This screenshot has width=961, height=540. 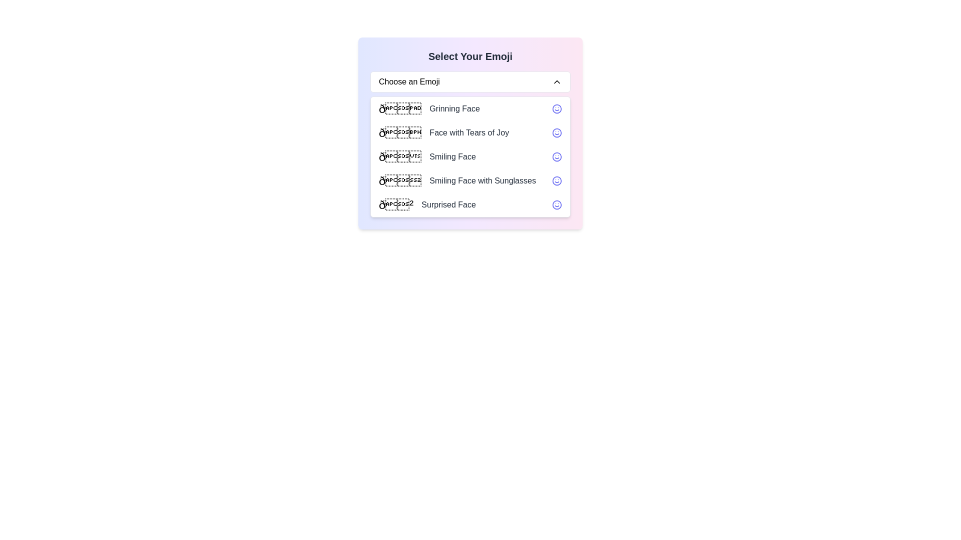 I want to click on the 'Surprised Face' option in the emoji selector dropdown, which is the fifth item in the list, so click(x=470, y=204).